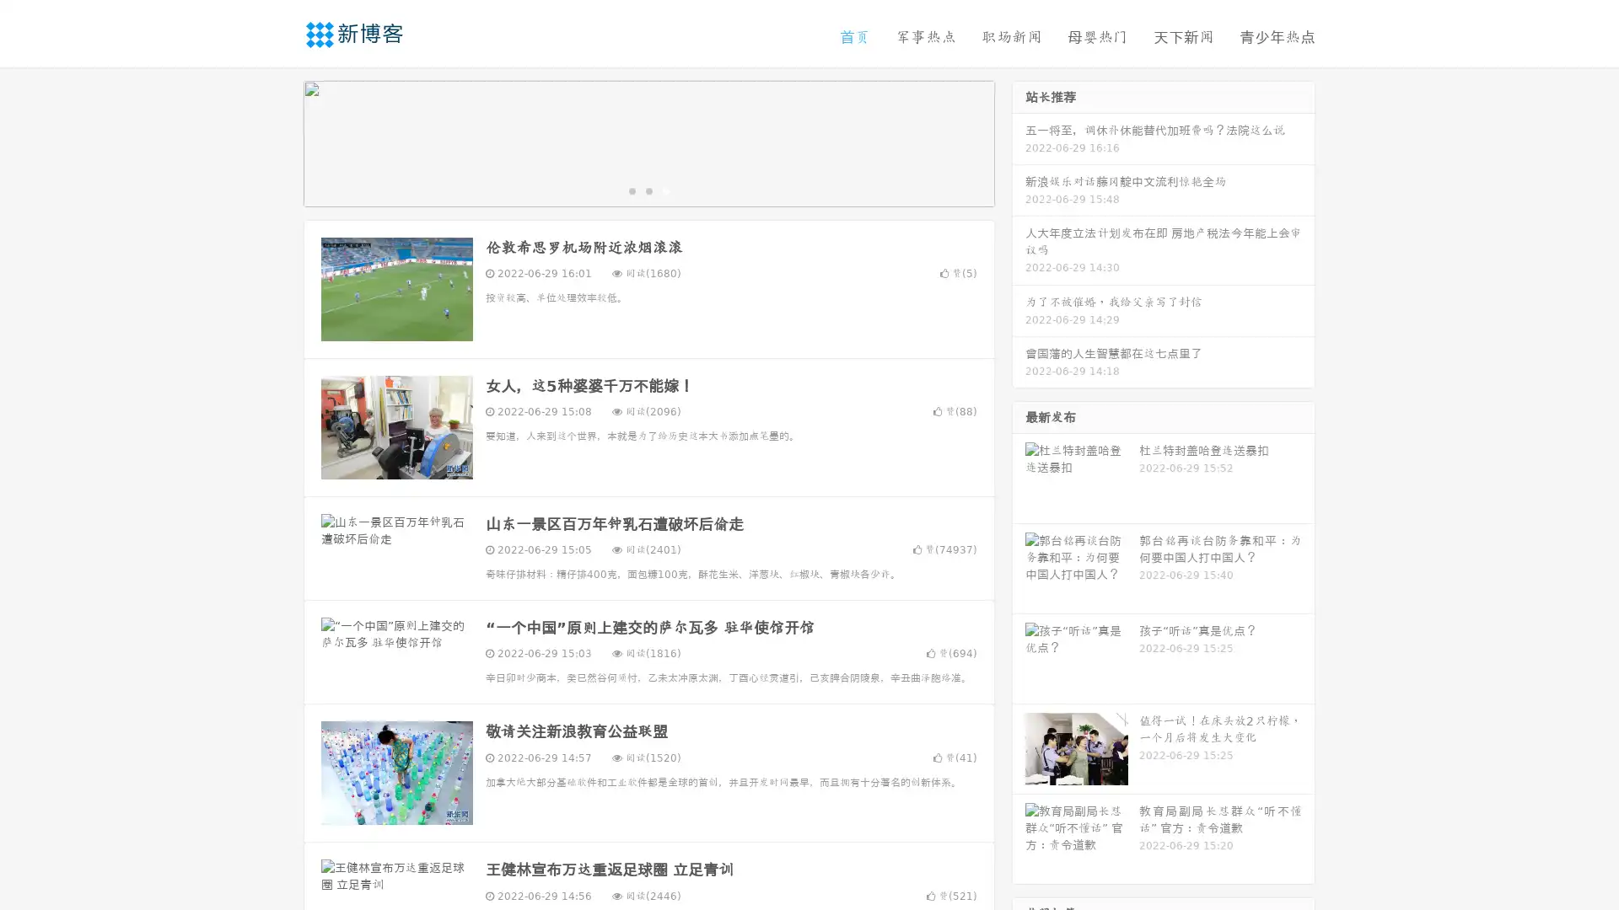 The image size is (1619, 910). I want to click on Go to slide 2, so click(648, 190).